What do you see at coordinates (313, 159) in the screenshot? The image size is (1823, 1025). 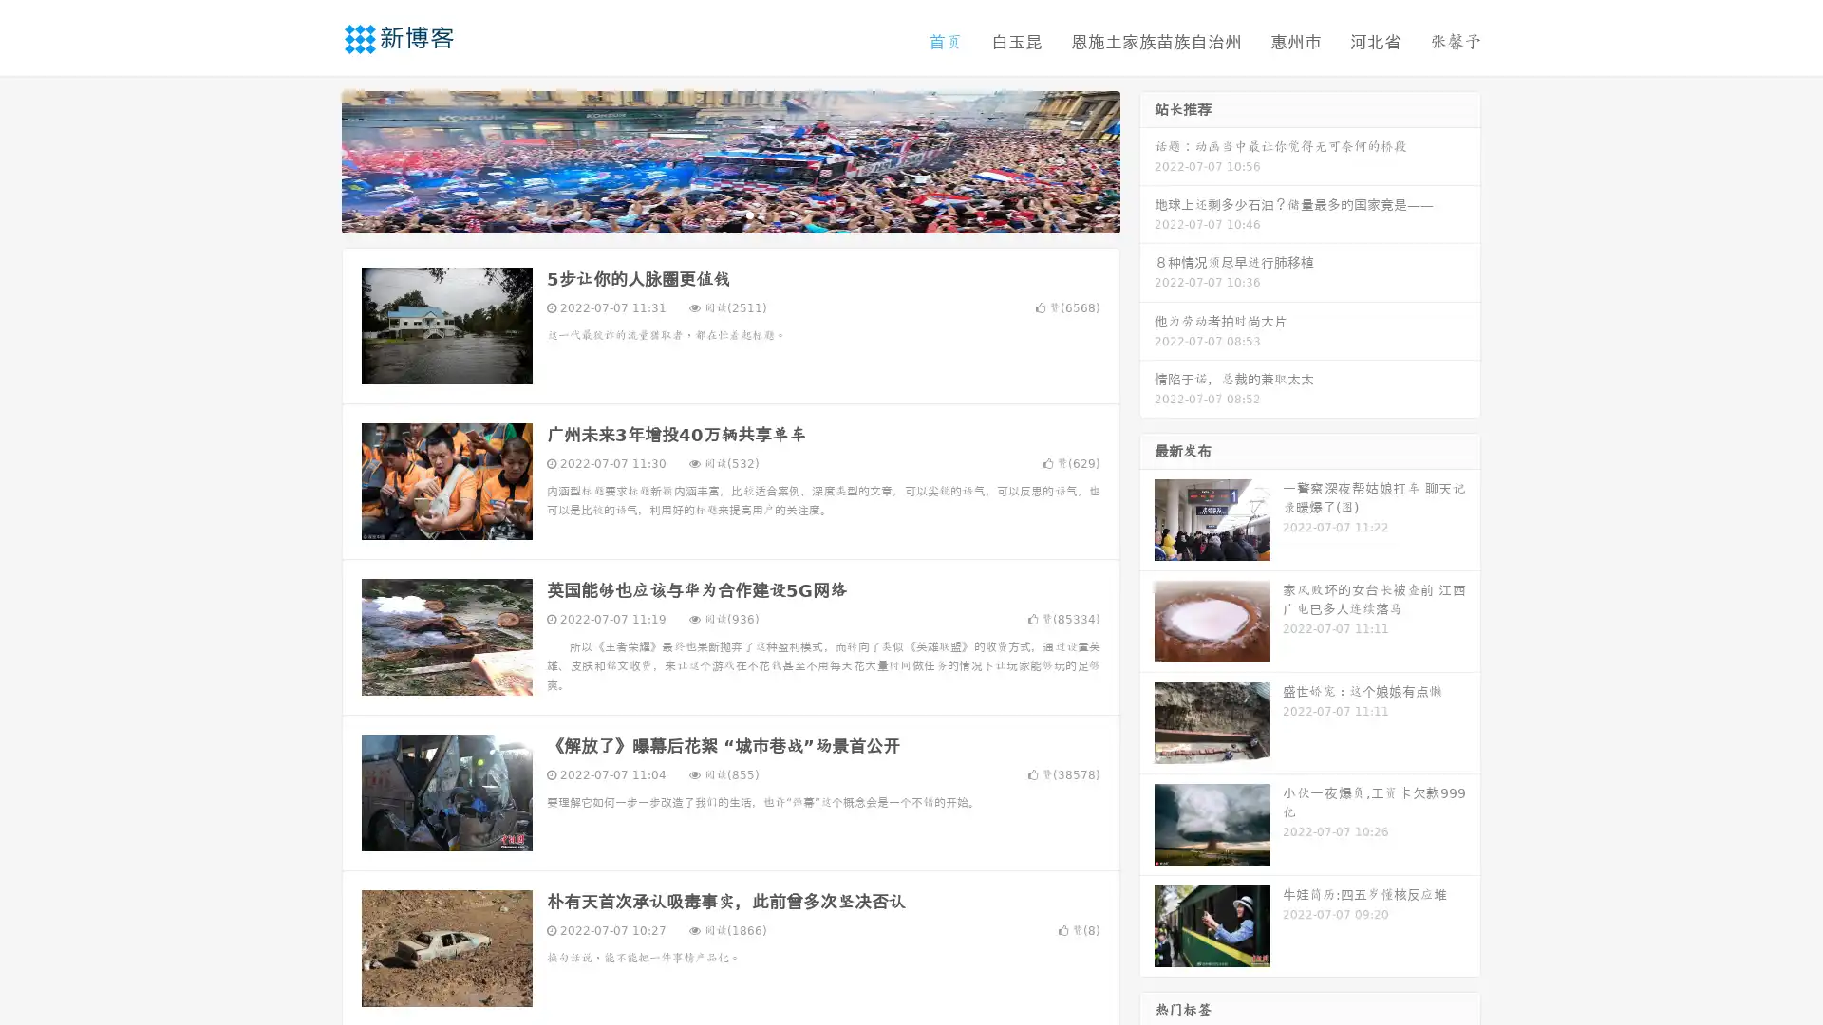 I see `Previous slide` at bounding box center [313, 159].